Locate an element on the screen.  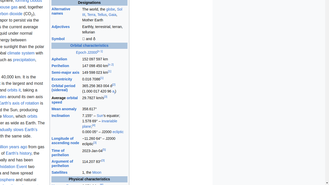
'Semi-major axis' is located at coordinates (65, 72).